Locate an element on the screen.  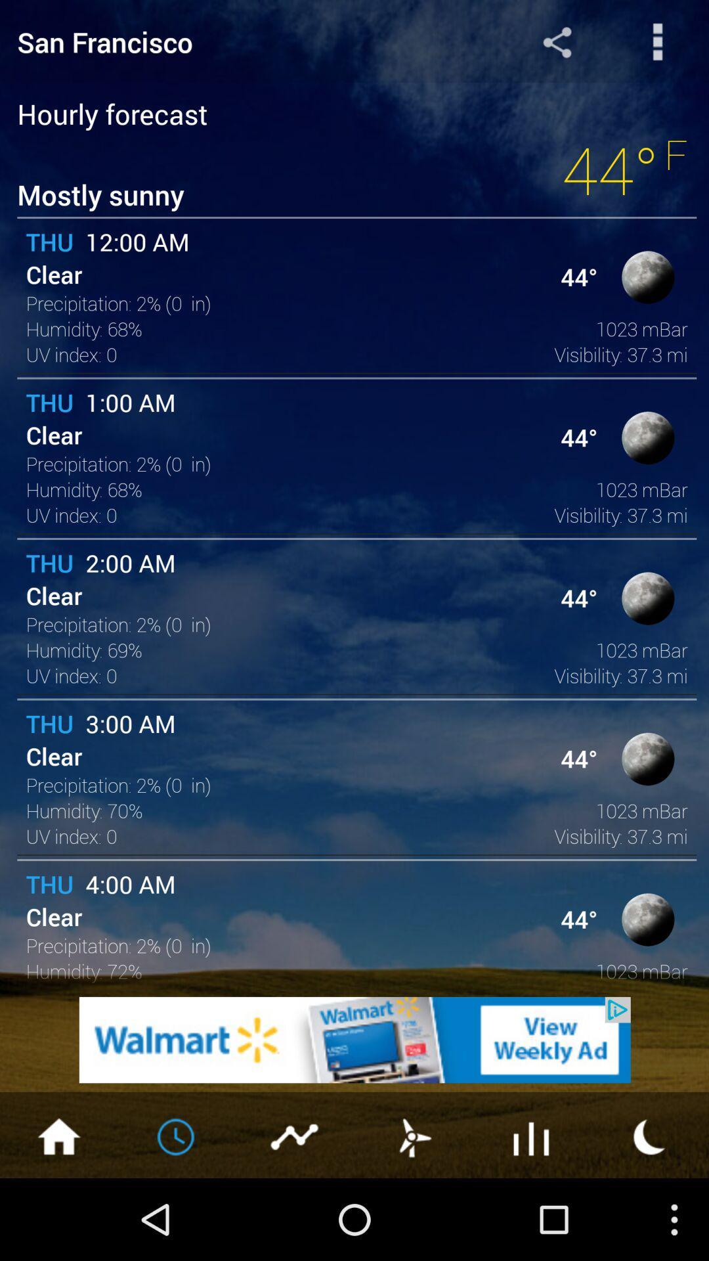
the time icon is located at coordinates (177, 1214).